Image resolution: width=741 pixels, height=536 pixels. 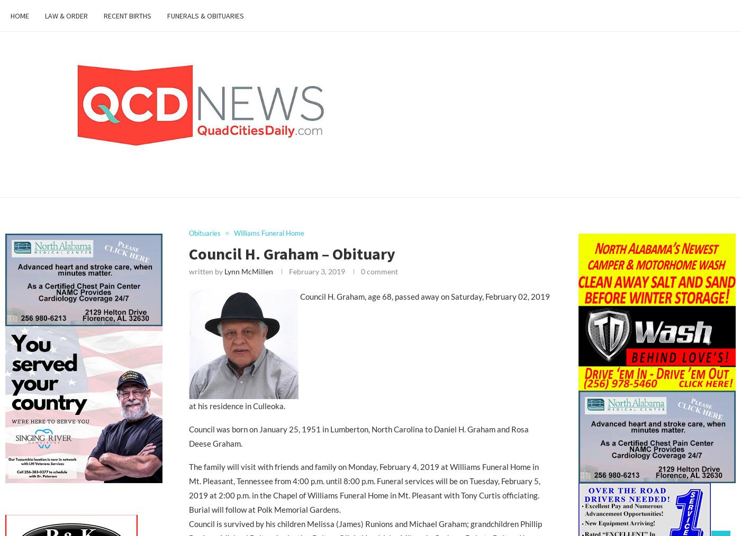 I want to click on 'Council H. Graham, age 68, passed away on Saturday, February 02, 2019 at his residence in Culleoka.', so click(x=369, y=350).